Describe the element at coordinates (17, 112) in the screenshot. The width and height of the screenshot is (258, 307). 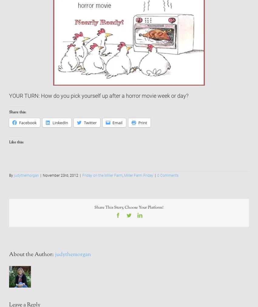
I see `'Share this:'` at that location.